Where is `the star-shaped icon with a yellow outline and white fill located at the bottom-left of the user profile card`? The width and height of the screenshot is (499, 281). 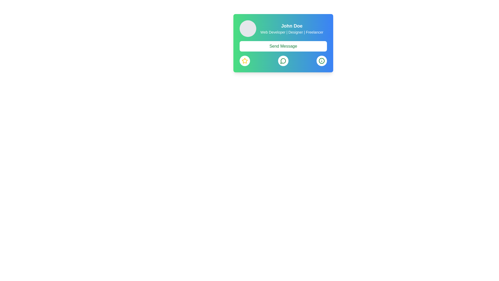 the star-shaped icon with a yellow outline and white fill located at the bottom-left of the user profile card is located at coordinates (244, 60).